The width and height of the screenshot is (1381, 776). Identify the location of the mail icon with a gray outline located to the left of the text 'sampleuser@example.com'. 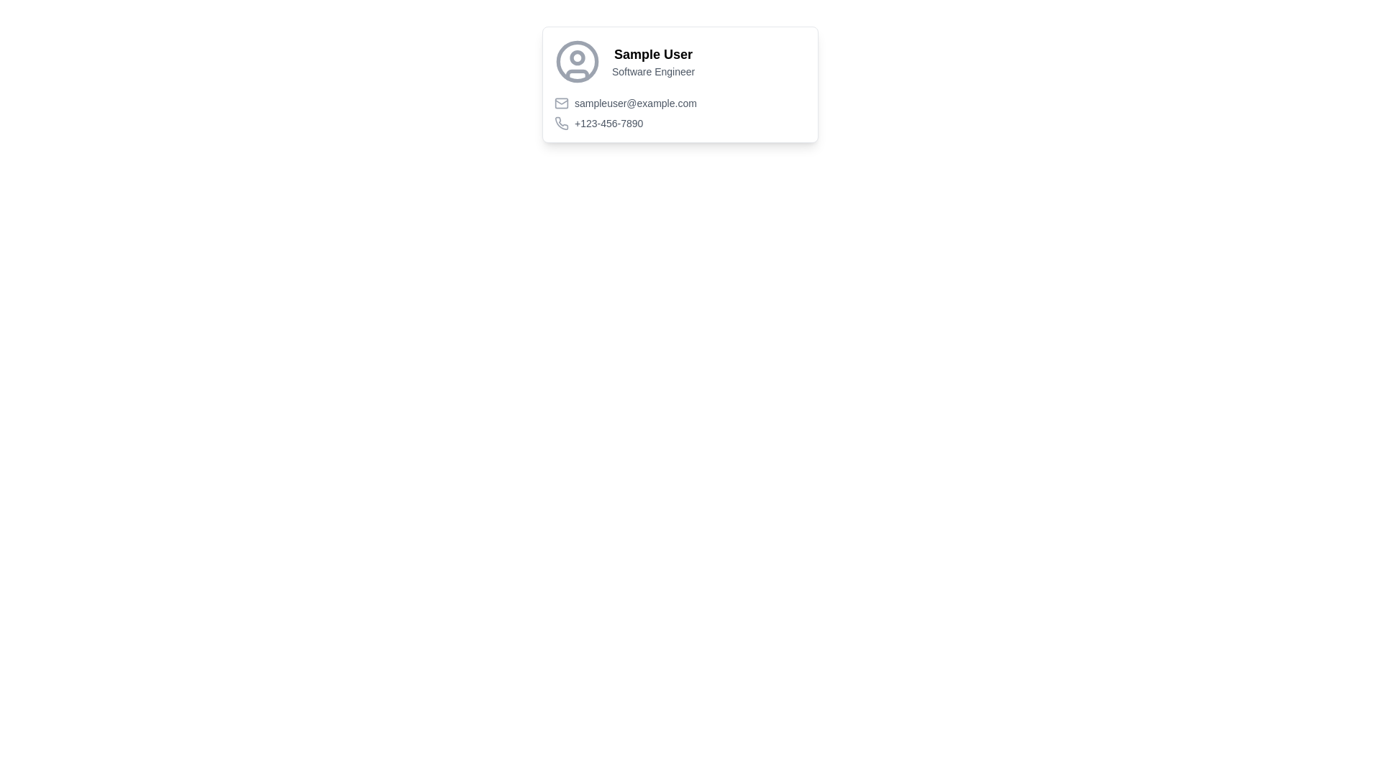
(561, 102).